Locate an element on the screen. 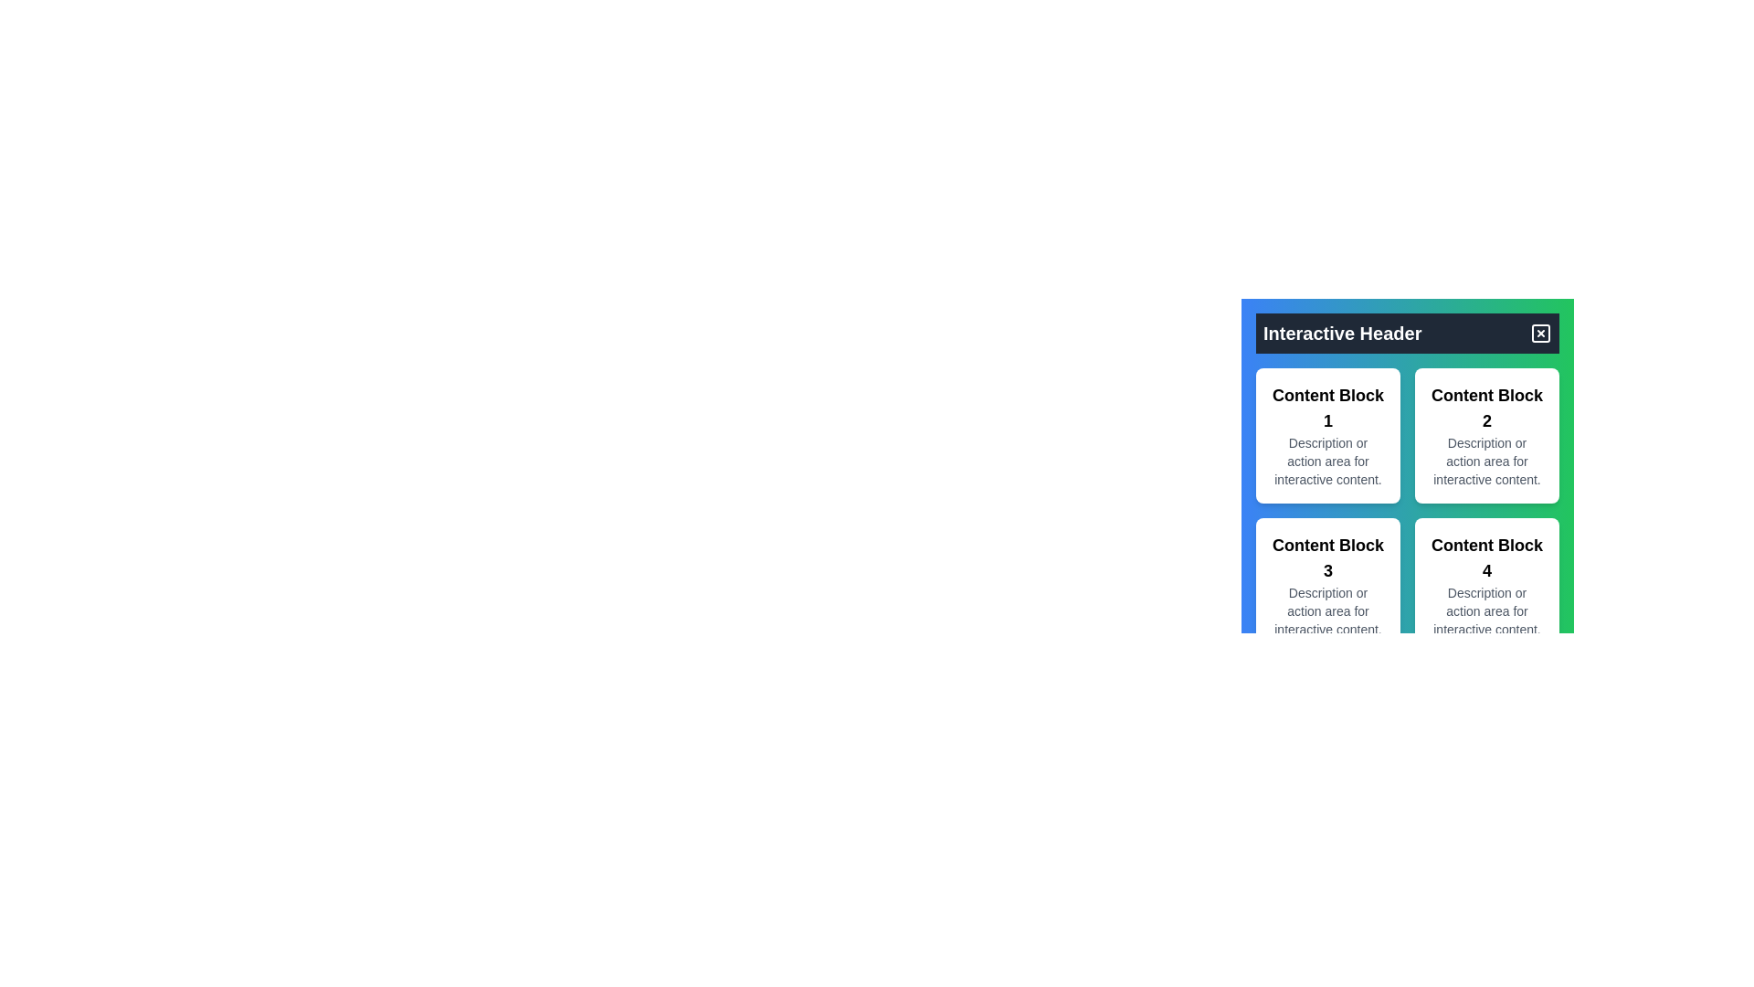 Image resolution: width=1754 pixels, height=987 pixels. the text node styled with a small font size and gray color that contains the text 'Description or action area for interactive content.' located below the bold title 'Content Block 3' is located at coordinates (1328, 610).